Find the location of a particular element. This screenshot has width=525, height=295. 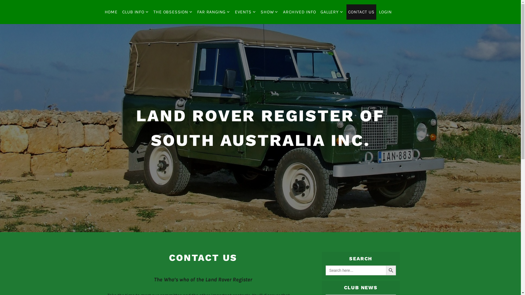

'CLUB INFO' is located at coordinates (135, 12).